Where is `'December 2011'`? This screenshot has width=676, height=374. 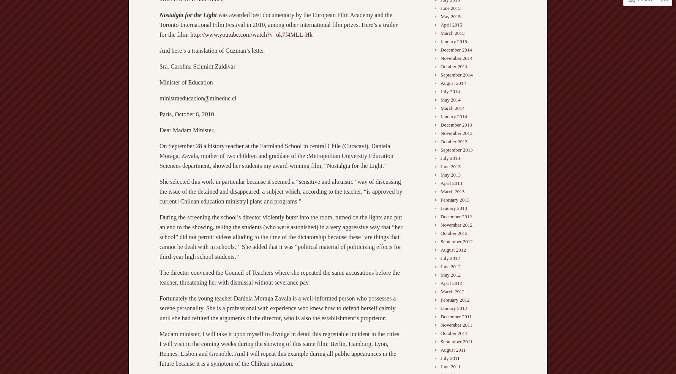 'December 2011' is located at coordinates (456, 316).